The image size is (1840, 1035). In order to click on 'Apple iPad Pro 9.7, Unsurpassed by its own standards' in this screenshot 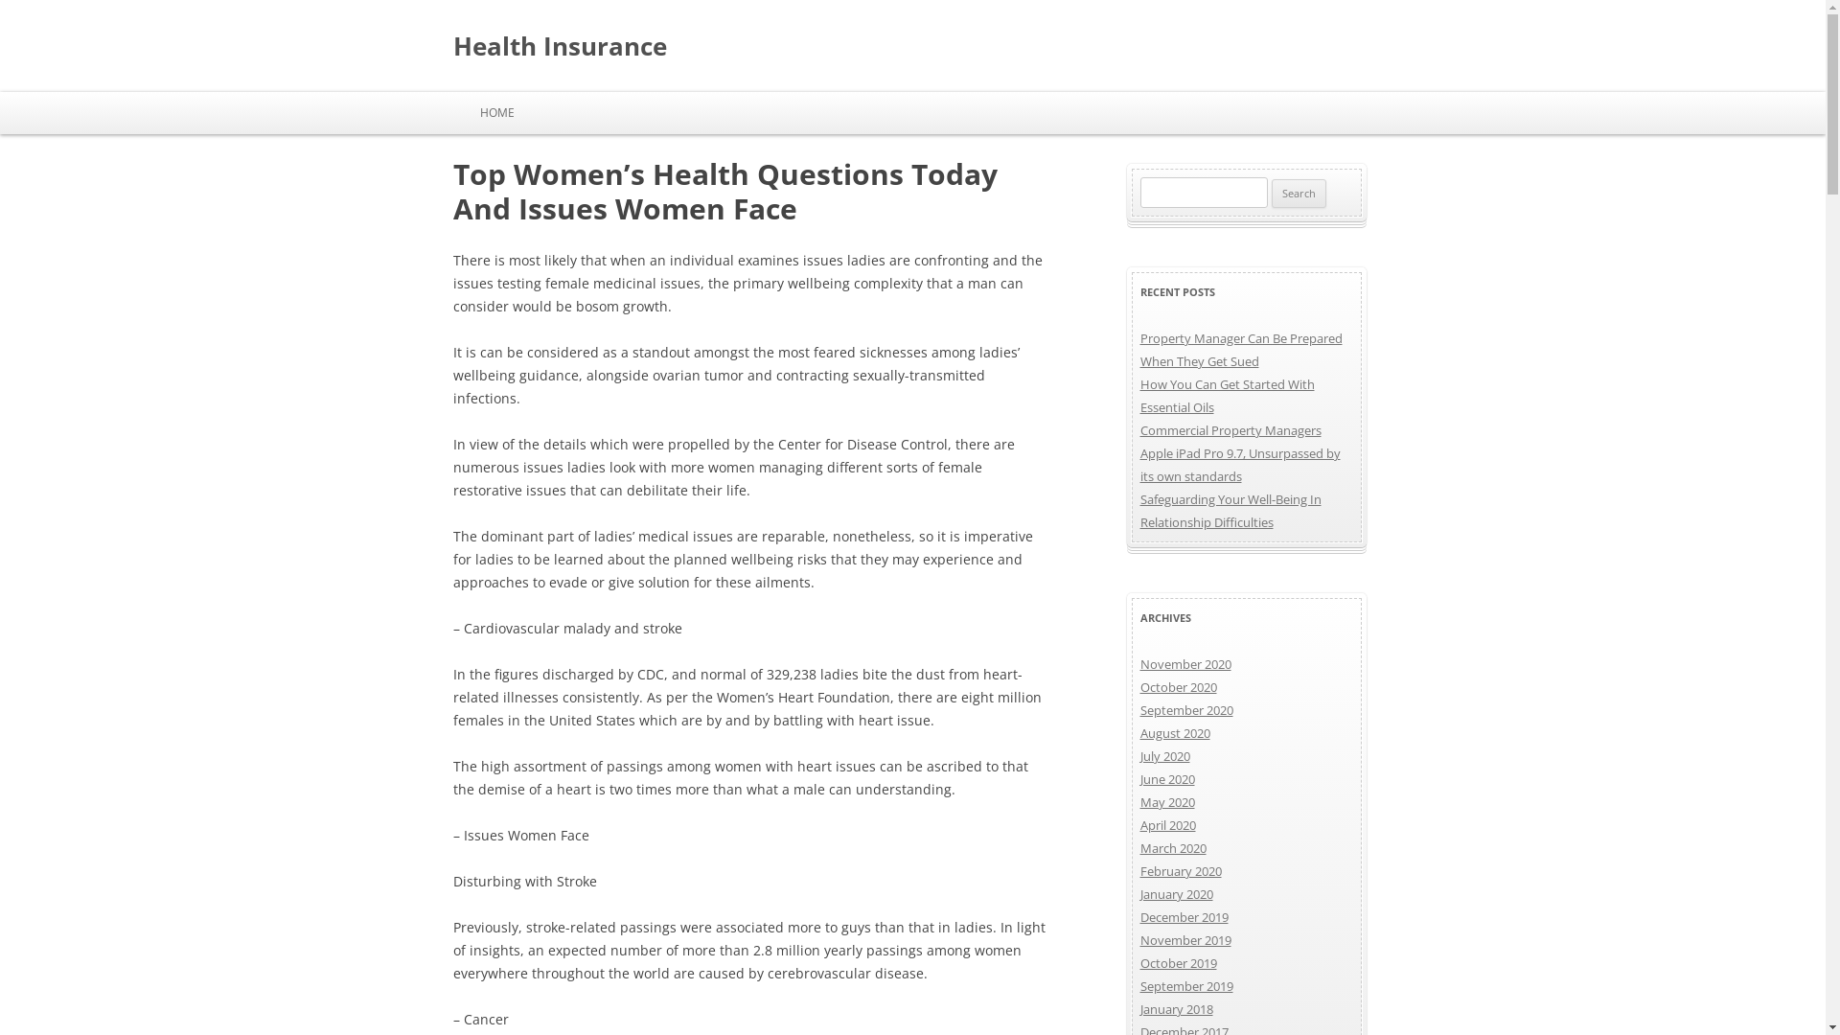, I will do `click(1240, 465)`.